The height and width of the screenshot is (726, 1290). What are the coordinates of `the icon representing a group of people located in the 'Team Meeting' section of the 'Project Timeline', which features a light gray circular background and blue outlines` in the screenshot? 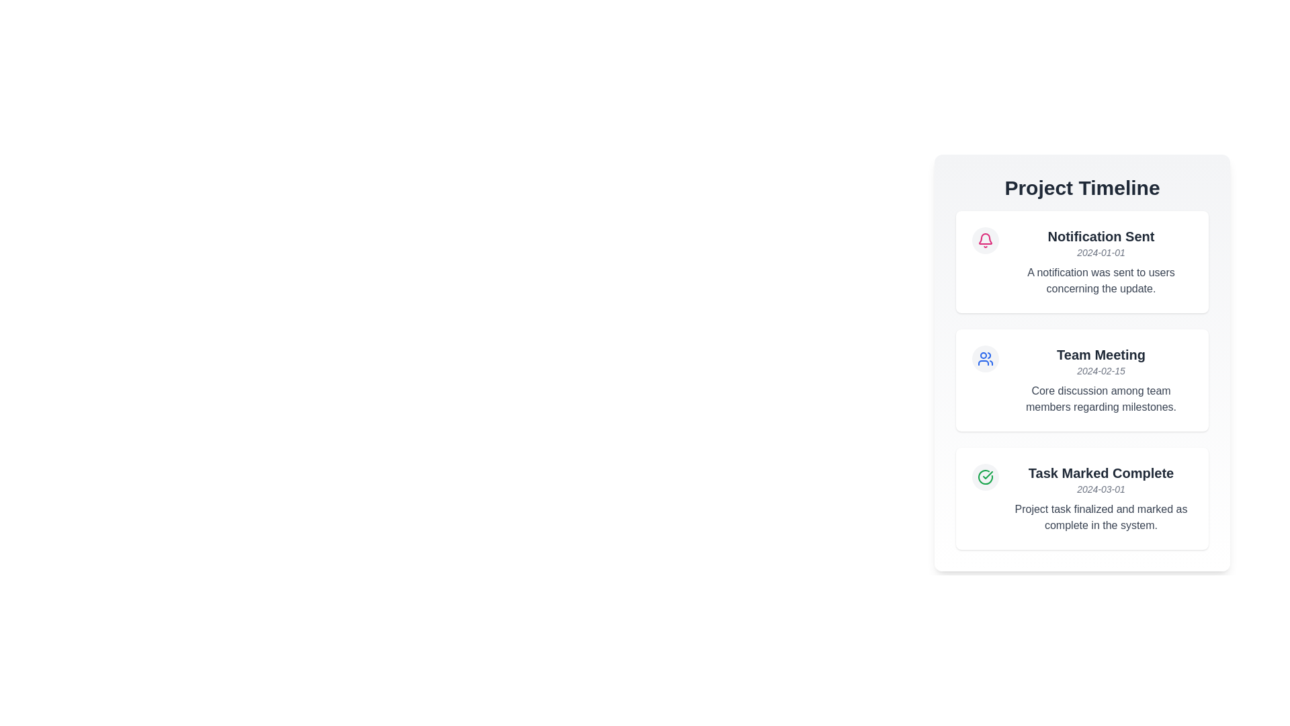 It's located at (986, 358).